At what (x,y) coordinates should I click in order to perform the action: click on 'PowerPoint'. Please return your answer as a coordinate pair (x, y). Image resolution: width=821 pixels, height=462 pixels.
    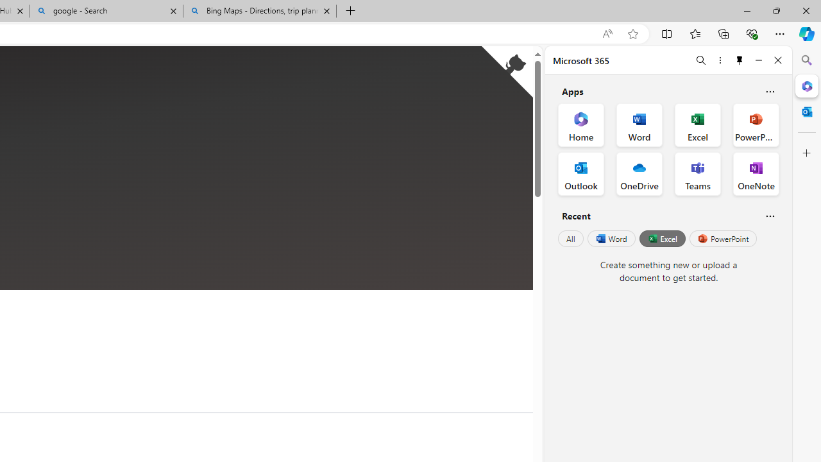
    Looking at the image, I should click on (723, 239).